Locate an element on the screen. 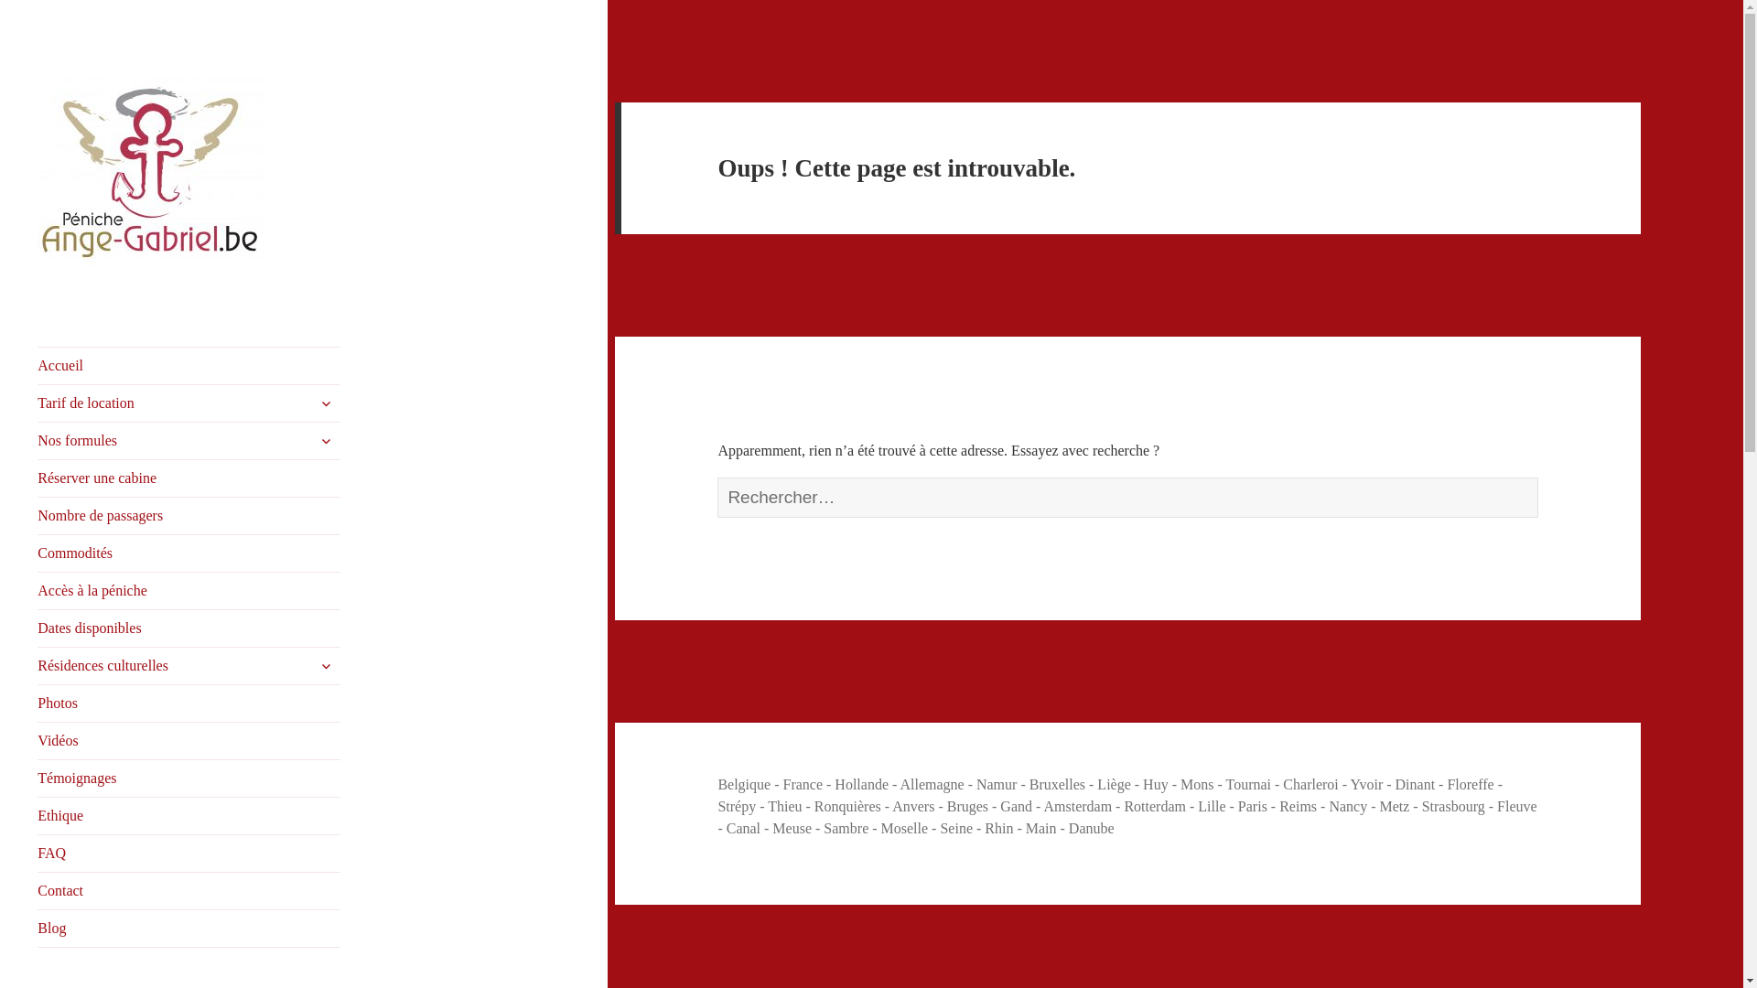  'FAQ' is located at coordinates (38, 854).